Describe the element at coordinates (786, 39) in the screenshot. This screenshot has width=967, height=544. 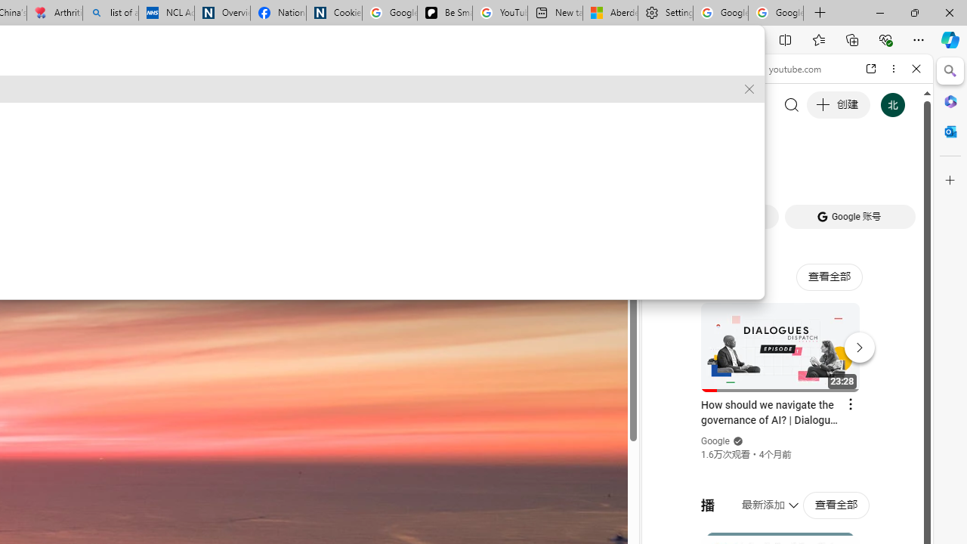
I see `'Split screen'` at that location.